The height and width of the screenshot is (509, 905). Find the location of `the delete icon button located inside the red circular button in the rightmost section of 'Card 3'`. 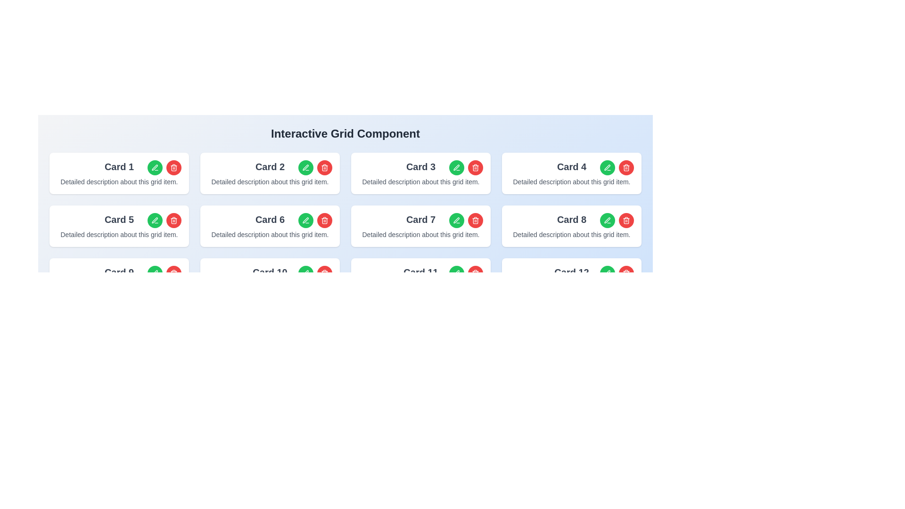

the delete icon button located inside the red circular button in the rightmost section of 'Card 3' is located at coordinates (475, 167).